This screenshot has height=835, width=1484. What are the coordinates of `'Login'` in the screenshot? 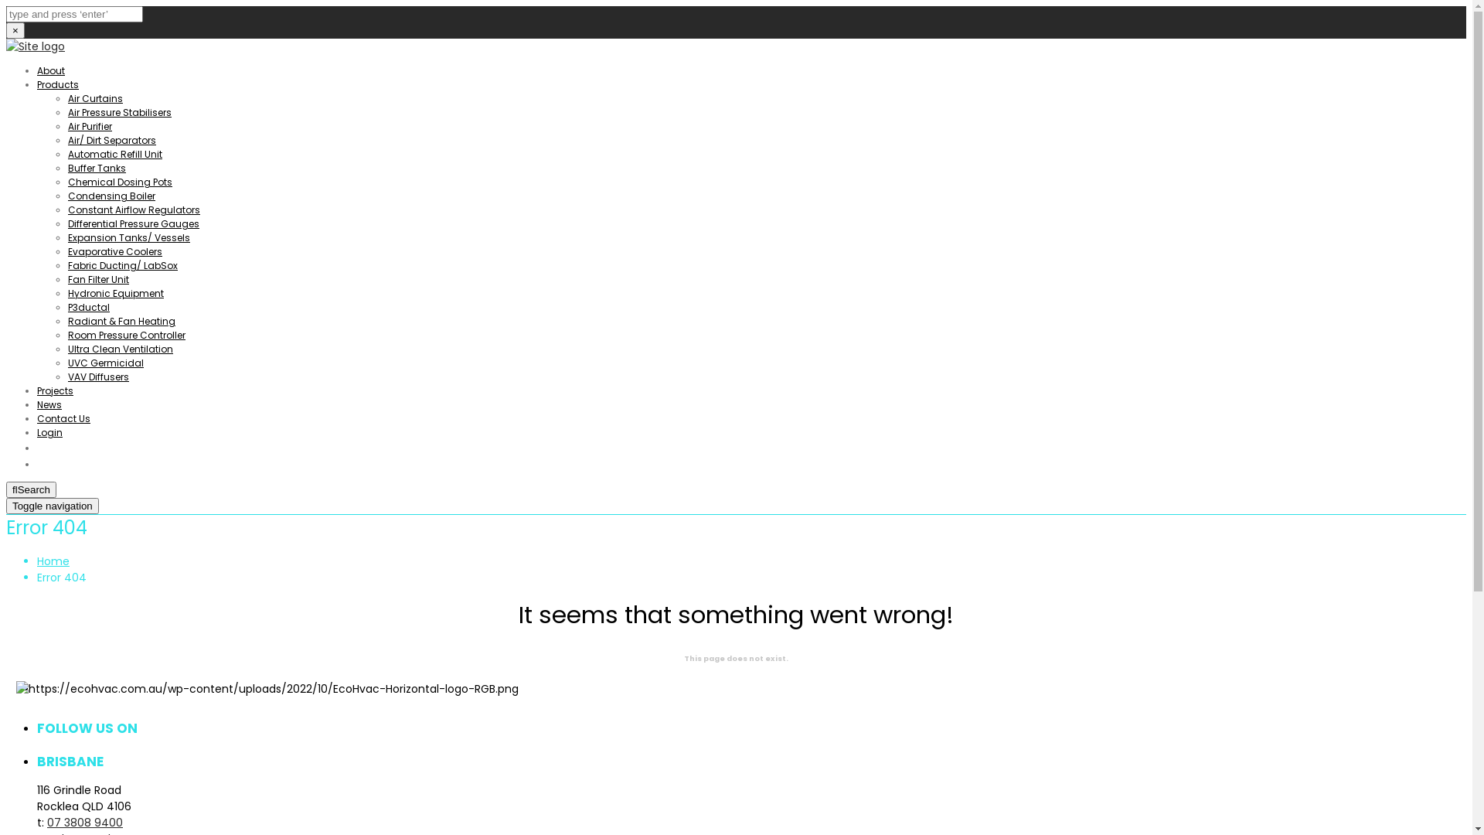 It's located at (49, 432).